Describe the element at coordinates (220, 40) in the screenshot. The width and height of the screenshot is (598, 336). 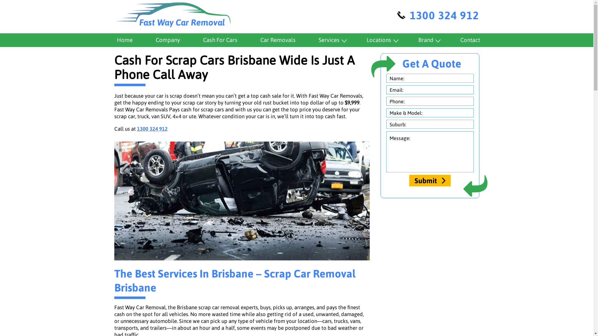
I see `'Cash For Cars'` at that location.